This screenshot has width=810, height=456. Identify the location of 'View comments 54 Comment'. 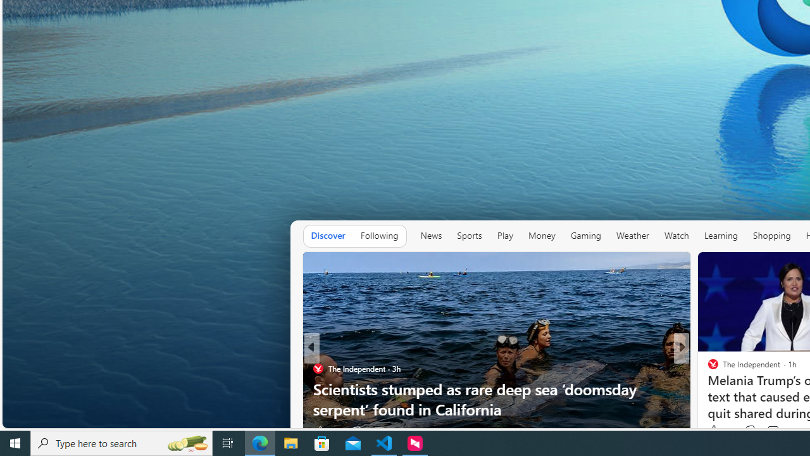
(768, 431).